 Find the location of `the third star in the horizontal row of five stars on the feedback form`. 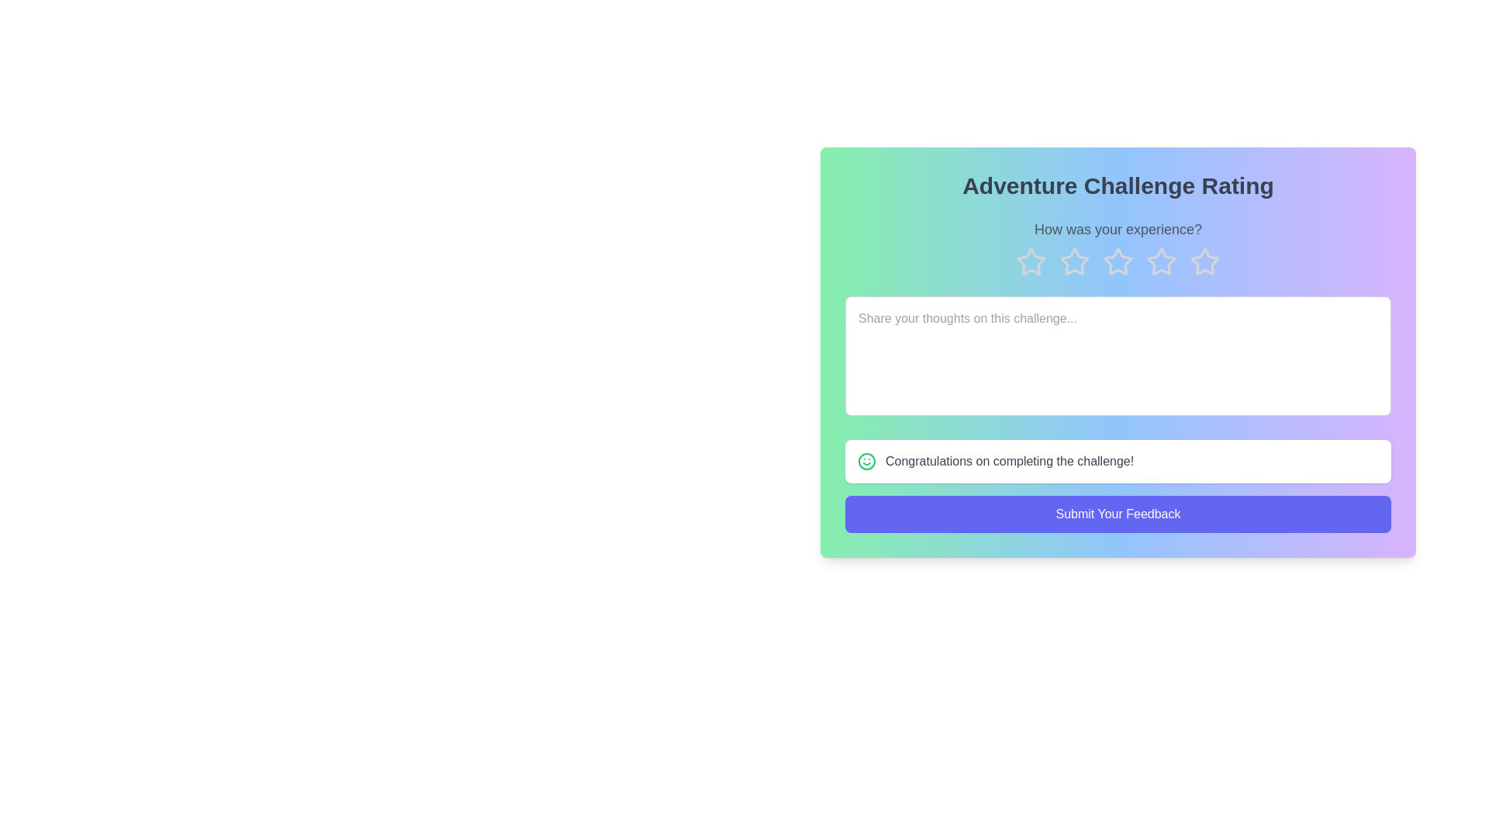

the third star in the horizontal row of five stars on the feedback form is located at coordinates (1118, 261).